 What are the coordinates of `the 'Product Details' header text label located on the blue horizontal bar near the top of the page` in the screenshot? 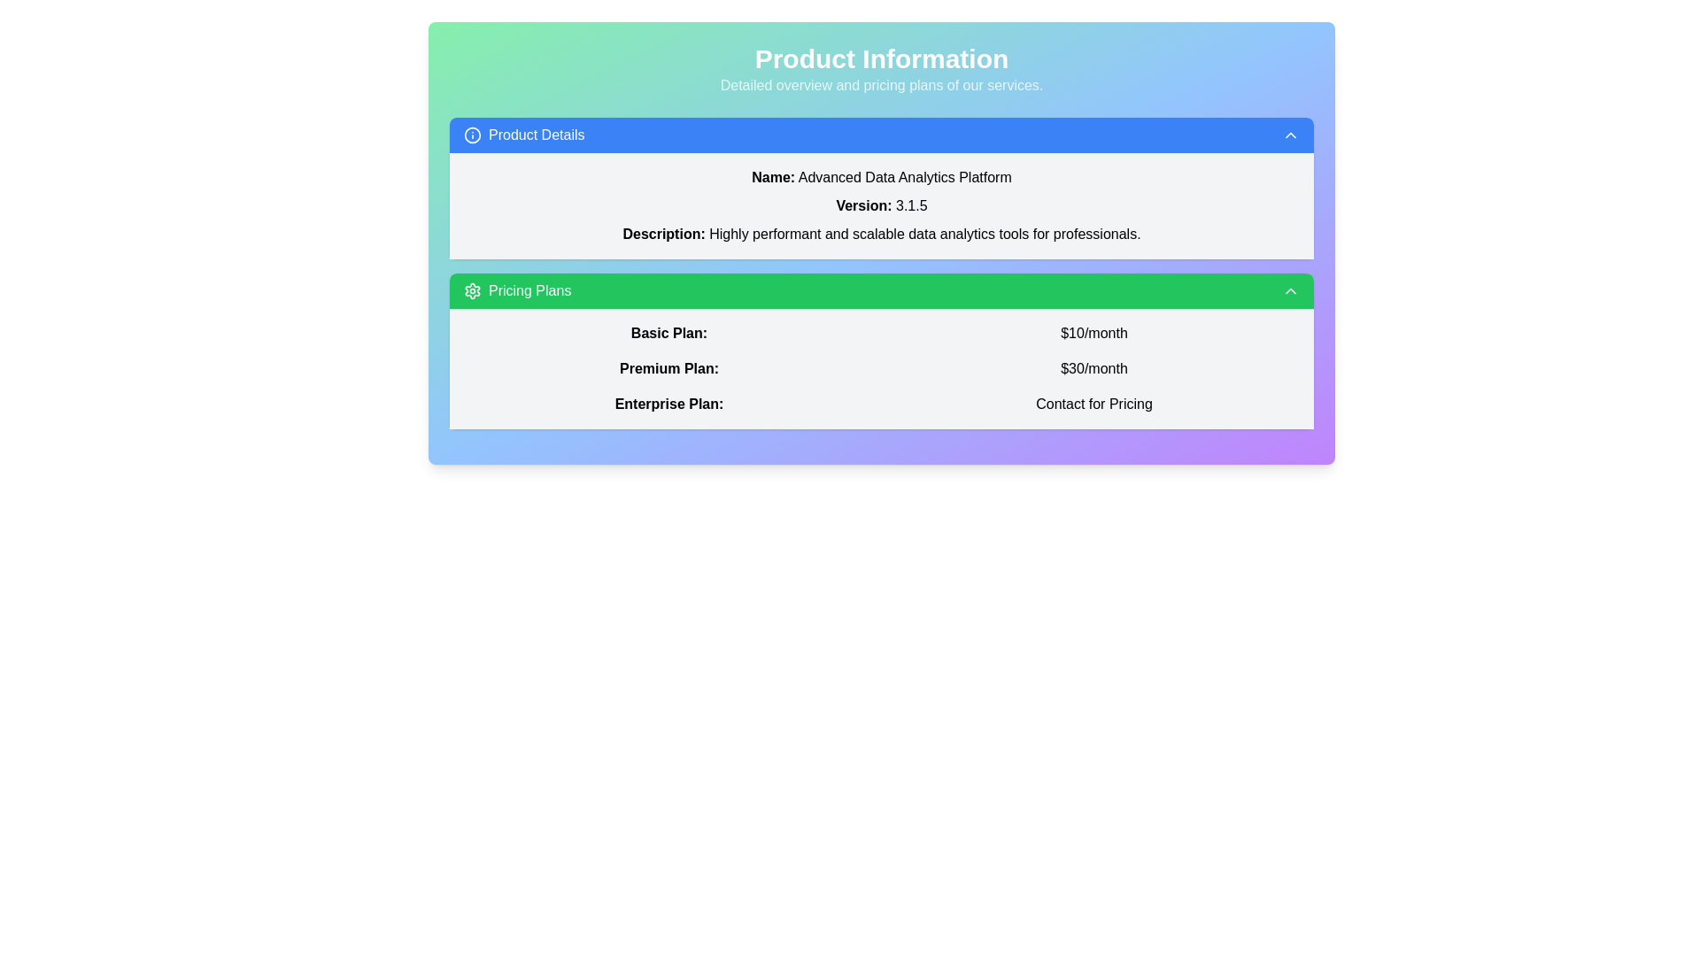 It's located at (536, 135).